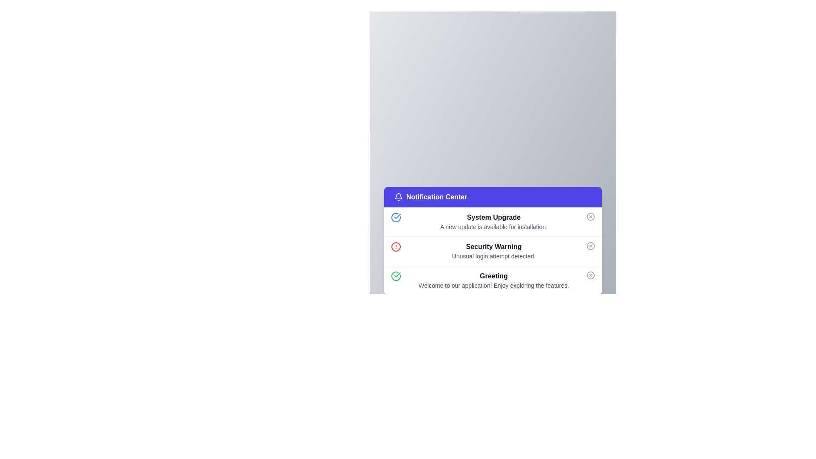 Image resolution: width=816 pixels, height=459 pixels. I want to click on heading labeled 'Greeting', which is a bold text label in dark gray color located at the bottom-center of the interface within a notification card, so click(493, 276).